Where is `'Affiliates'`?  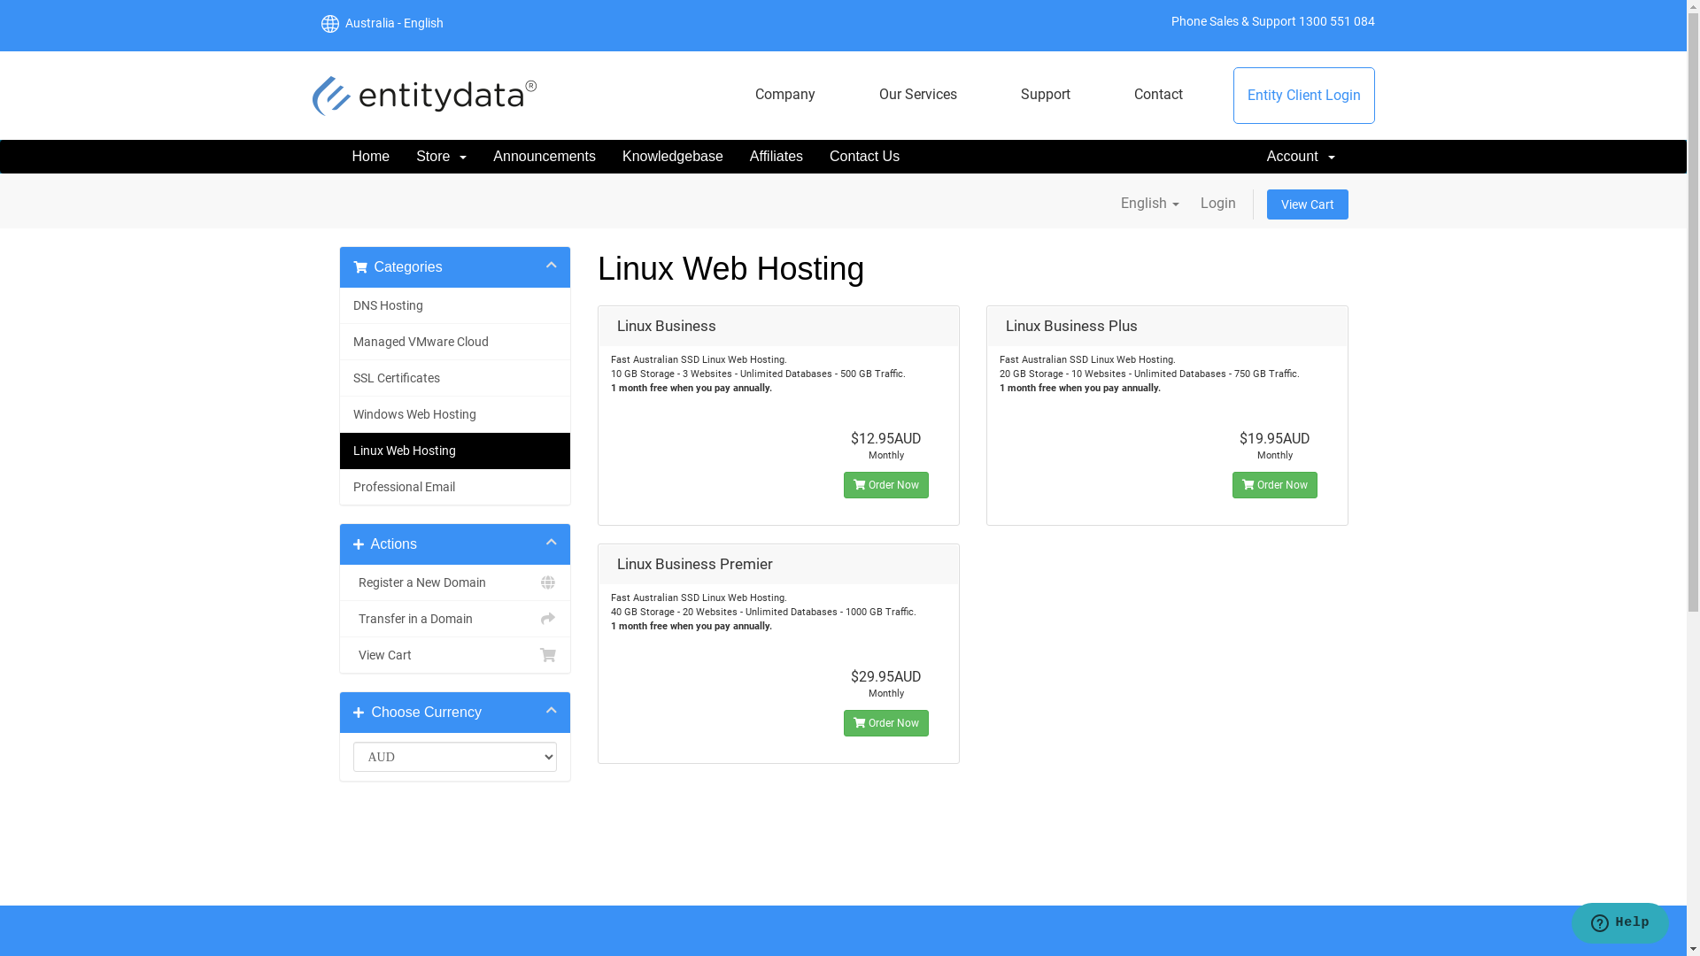
'Affiliates' is located at coordinates (777, 156).